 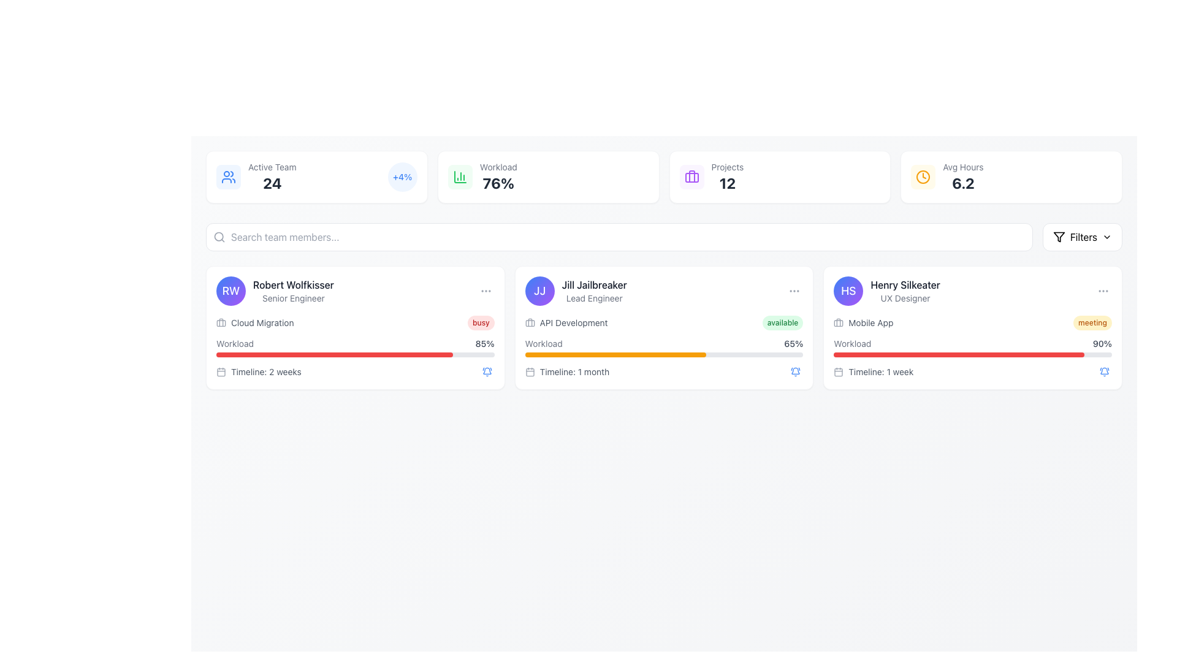 I want to click on the circular button with three horizontal dots located in the top-right corner of the 'Robert Wolfkisser' card, so click(x=485, y=291).